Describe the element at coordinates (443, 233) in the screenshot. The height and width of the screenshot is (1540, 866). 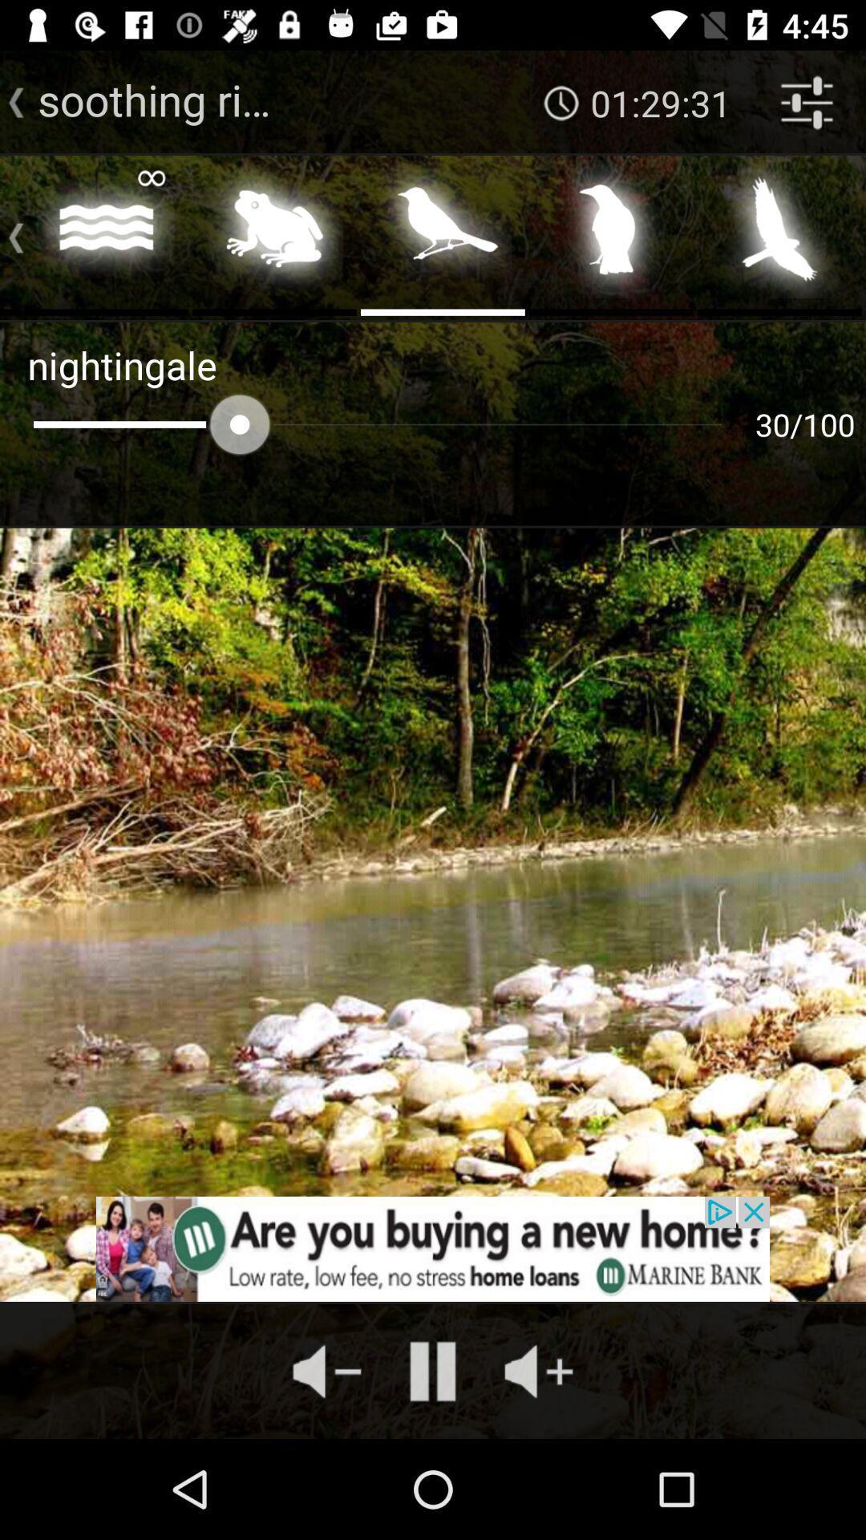
I see `bird` at that location.